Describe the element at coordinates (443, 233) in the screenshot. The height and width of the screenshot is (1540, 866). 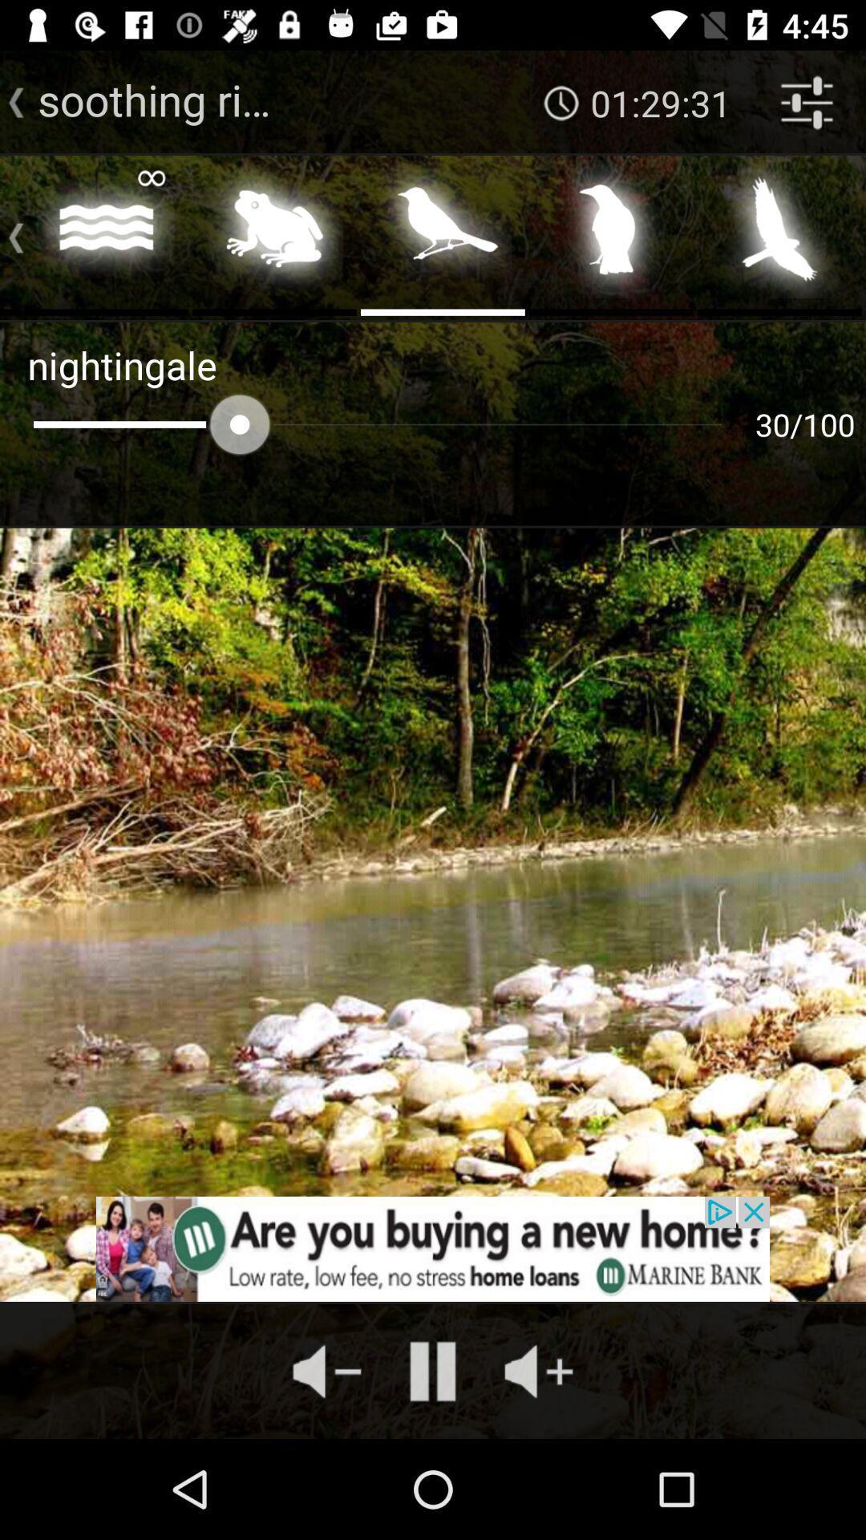
I see `bird` at that location.